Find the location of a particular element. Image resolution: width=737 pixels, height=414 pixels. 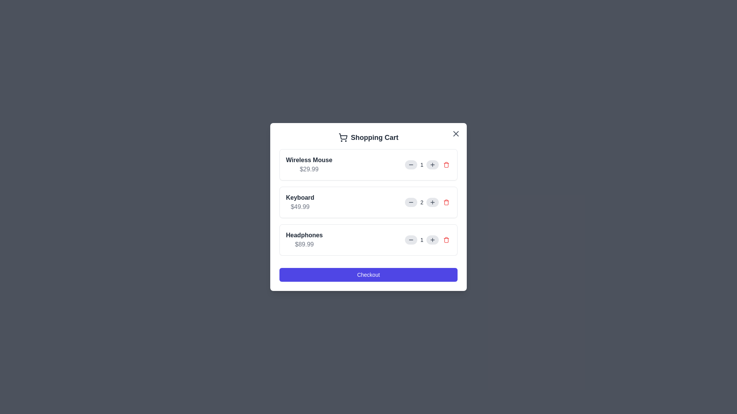

the 'Checkout' button, which is a wide rectangular button with rounded corners, indigo in color, located at the bottom of the shopping cart popup is located at coordinates (368, 274).